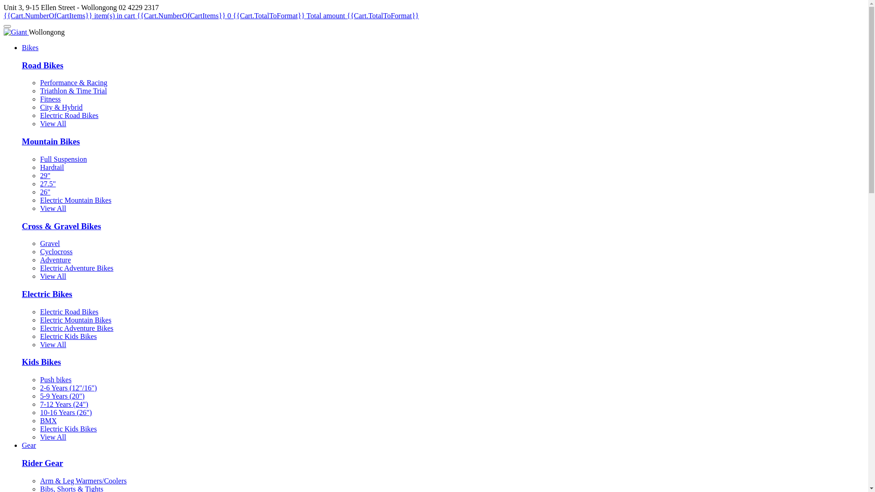 The height and width of the screenshot is (492, 875). What do you see at coordinates (63, 404) in the screenshot?
I see `'7-12 Years (24")'` at bounding box center [63, 404].